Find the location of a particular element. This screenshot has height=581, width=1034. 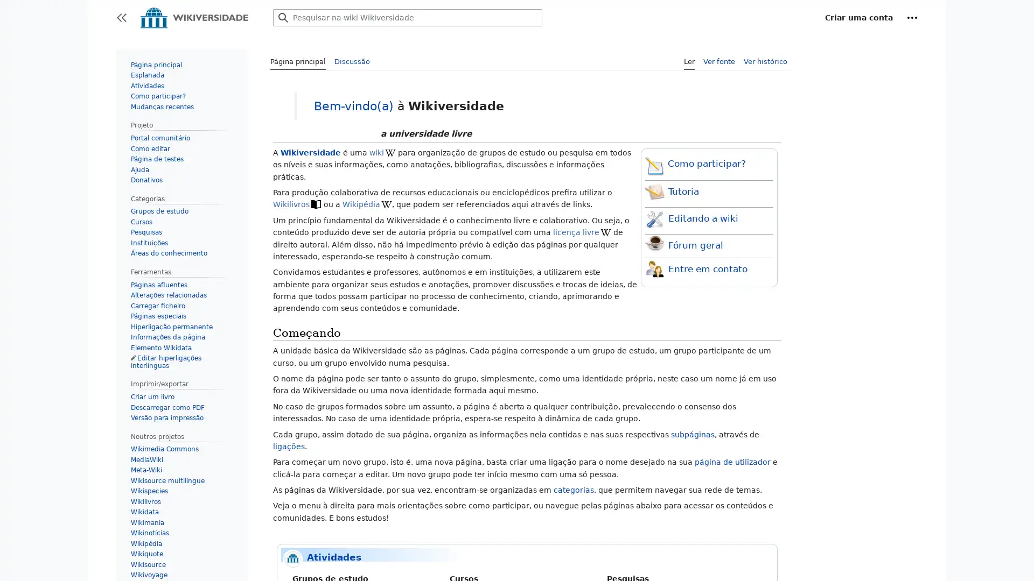

Alternar barra lateral is located at coordinates (121, 18).